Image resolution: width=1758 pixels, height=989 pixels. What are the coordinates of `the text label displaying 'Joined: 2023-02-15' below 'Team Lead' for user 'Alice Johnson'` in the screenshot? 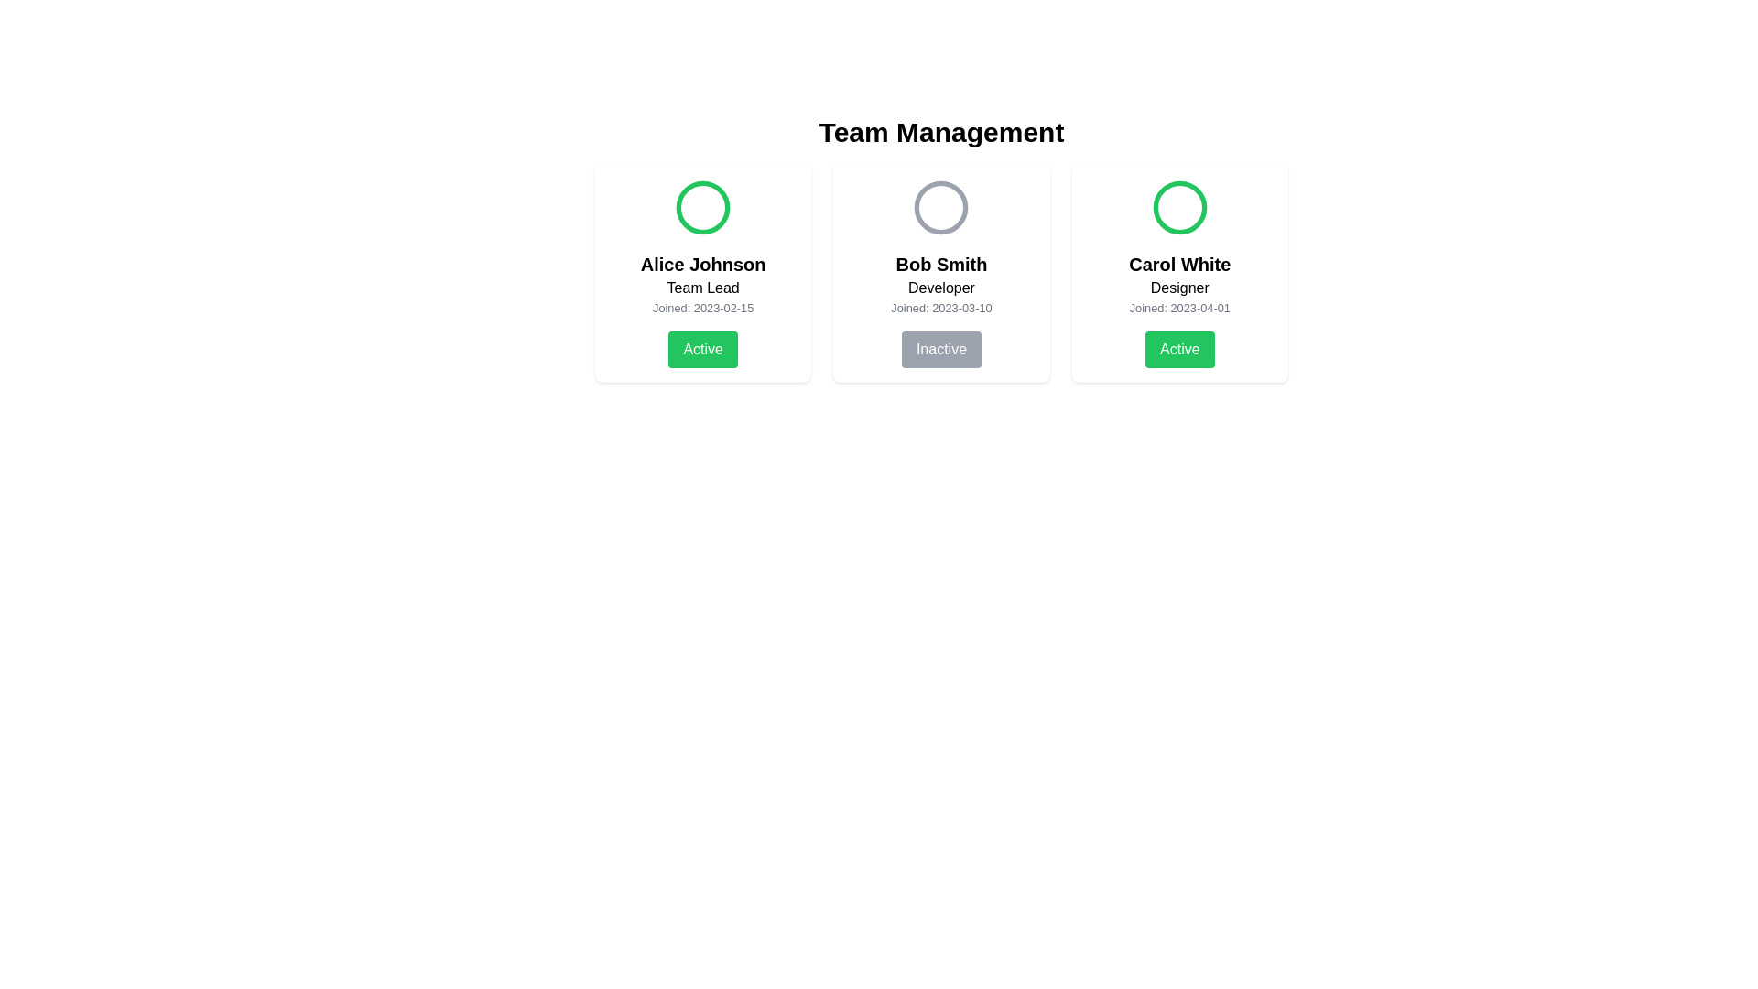 It's located at (702, 307).